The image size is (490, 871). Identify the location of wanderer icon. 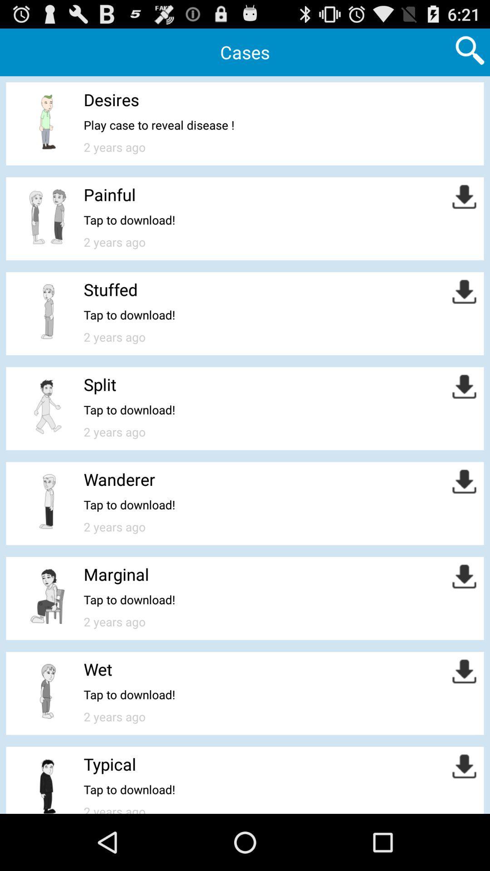
(119, 479).